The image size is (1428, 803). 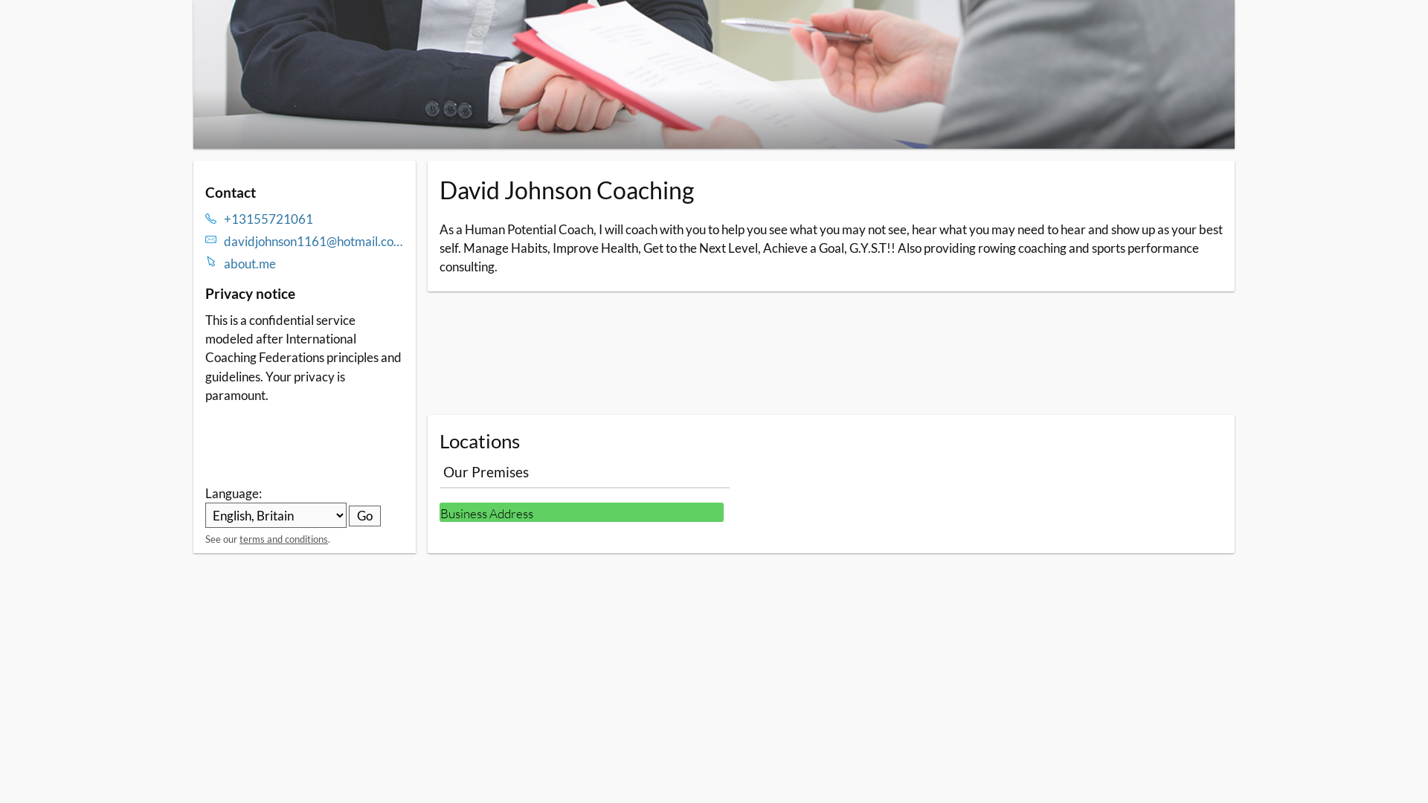 What do you see at coordinates (283, 539) in the screenshot?
I see `'terms and conditions'` at bounding box center [283, 539].